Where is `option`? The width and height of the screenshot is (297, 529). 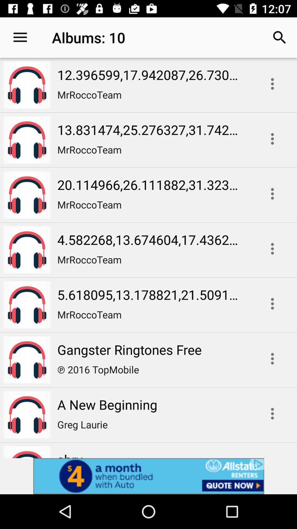 option is located at coordinates (272, 194).